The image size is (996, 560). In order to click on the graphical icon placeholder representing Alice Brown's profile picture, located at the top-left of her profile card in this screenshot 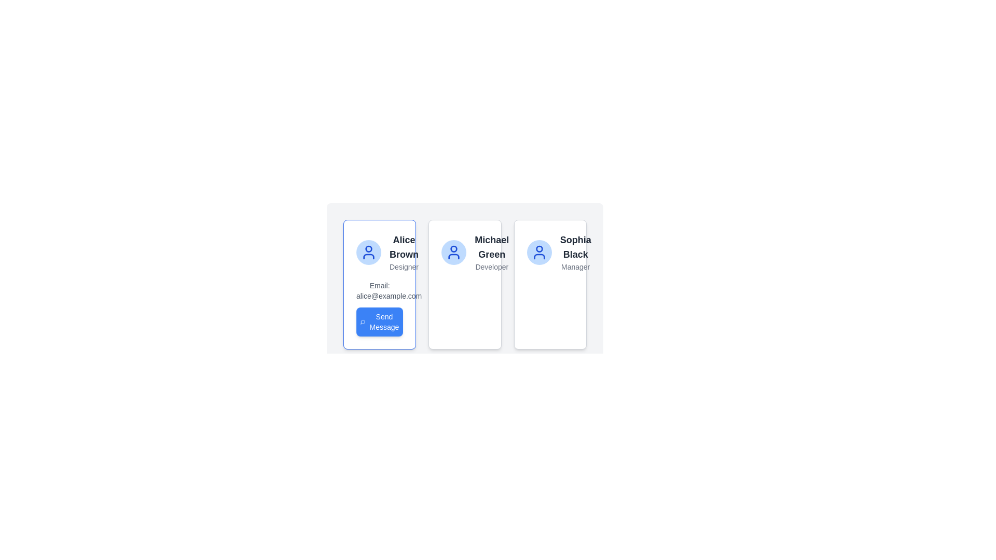, I will do `click(368, 252)`.